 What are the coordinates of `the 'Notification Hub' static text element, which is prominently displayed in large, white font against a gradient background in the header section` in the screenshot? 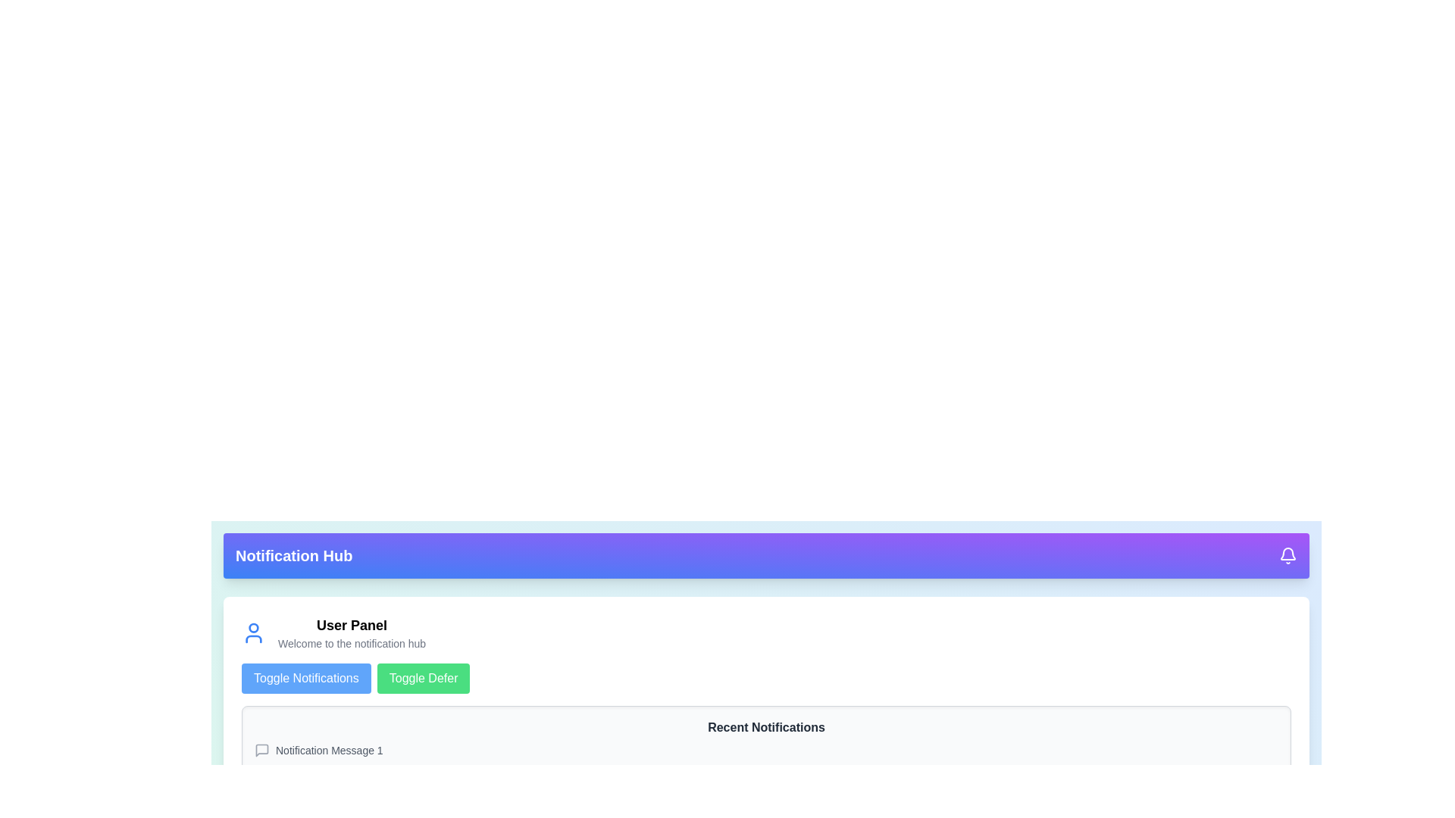 It's located at (294, 555).